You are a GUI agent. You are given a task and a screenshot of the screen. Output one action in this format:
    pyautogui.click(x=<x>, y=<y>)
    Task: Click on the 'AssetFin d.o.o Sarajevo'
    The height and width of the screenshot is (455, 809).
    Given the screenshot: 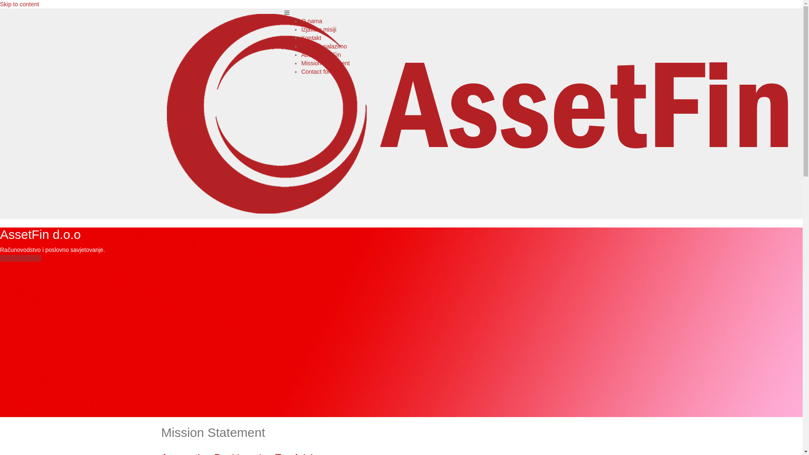 What is the action you would take?
    pyautogui.click(x=477, y=113)
    